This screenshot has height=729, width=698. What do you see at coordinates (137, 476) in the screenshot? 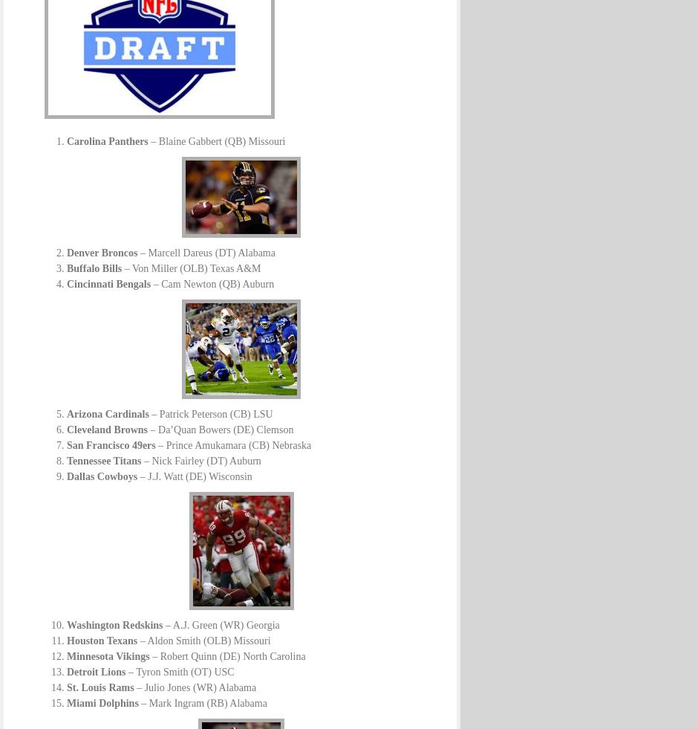
I see `'–	J.J. Watt (DE) Wisconsin'` at bounding box center [137, 476].